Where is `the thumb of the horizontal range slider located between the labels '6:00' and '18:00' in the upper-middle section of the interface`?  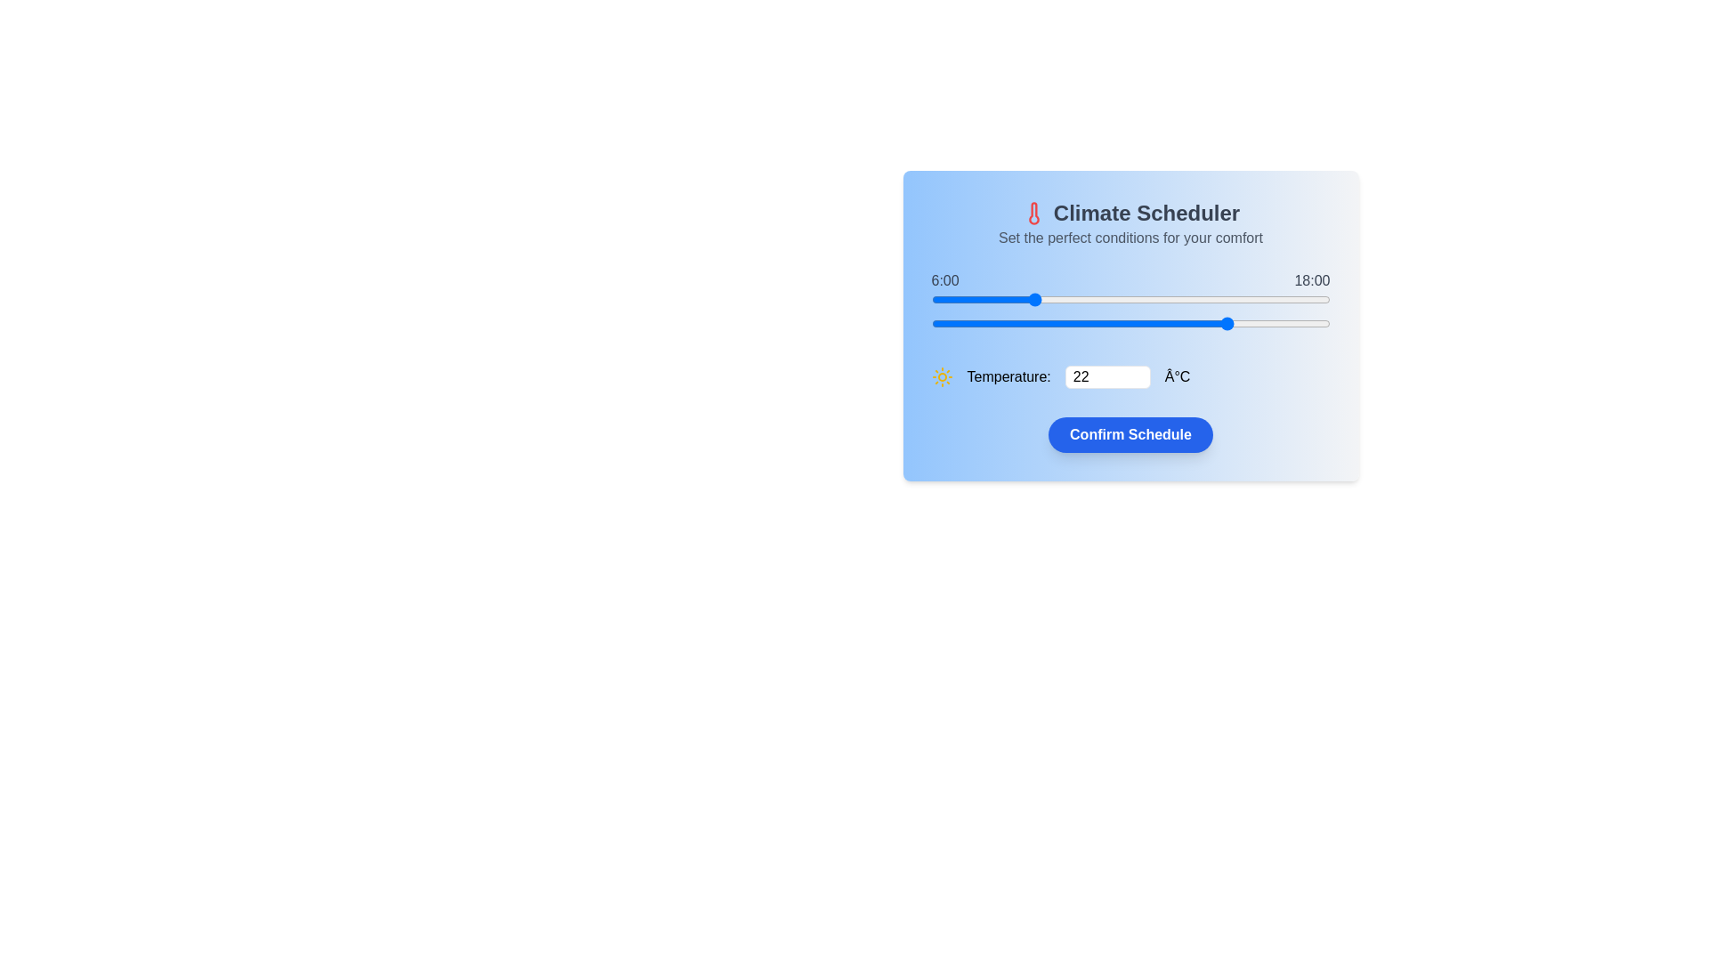
the thumb of the horizontal range slider located between the labels '6:00' and '18:00' in the upper-middle section of the interface is located at coordinates (1130, 298).